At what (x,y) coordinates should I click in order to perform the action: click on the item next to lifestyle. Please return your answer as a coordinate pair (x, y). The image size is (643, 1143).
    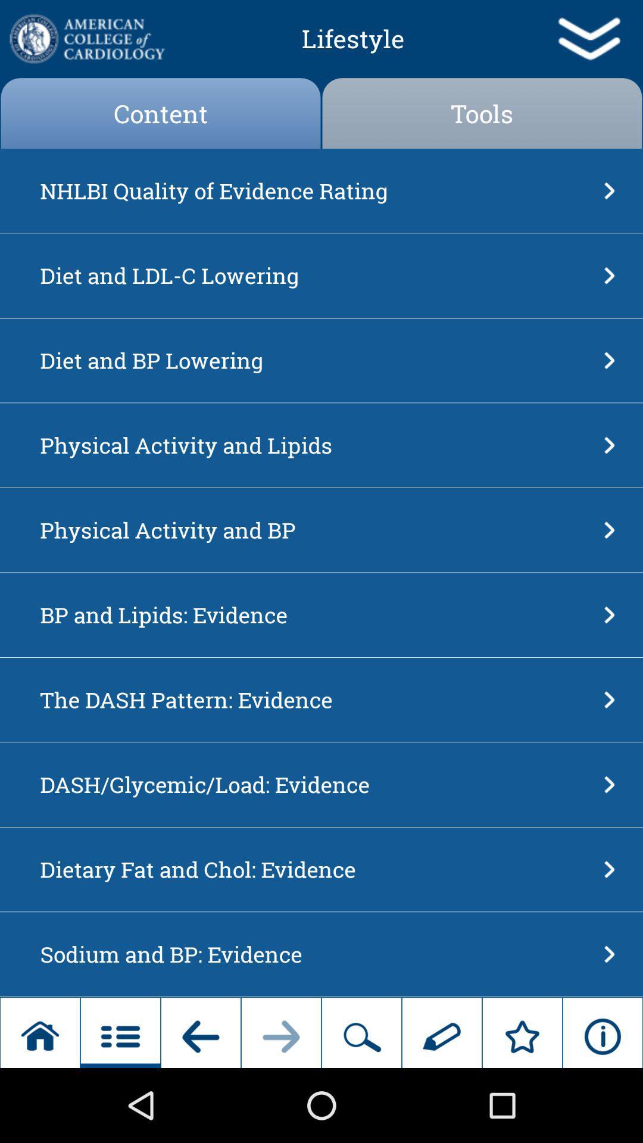
    Looking at the image, I should click on (86, 39).